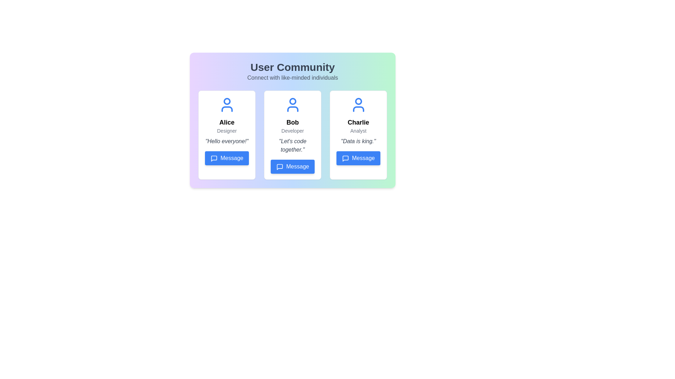 Image resolution: width=675 pixels, height=379 pixels. What do you see at coordinates (358, 101) in the screenshot?
I see `the circular SVG element that is part of the user icon representing 'Charlie' on the third card in the user community section` at bounding box center [358, 101].